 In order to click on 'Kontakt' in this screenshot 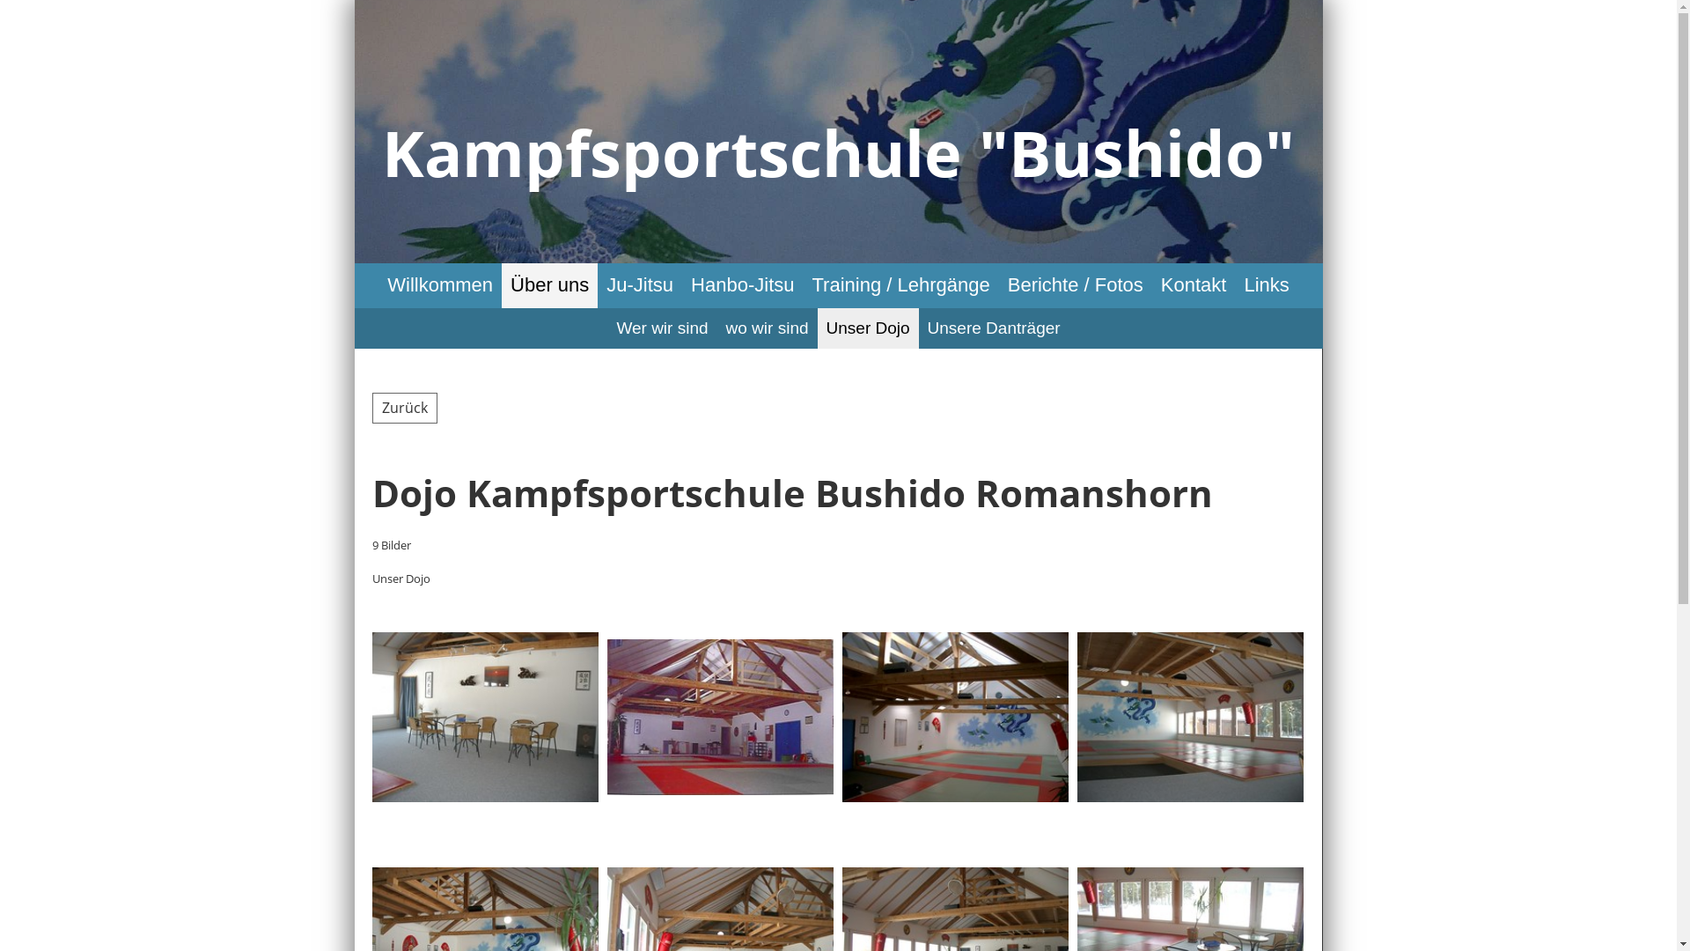, I will do `click(1194, 284)`.